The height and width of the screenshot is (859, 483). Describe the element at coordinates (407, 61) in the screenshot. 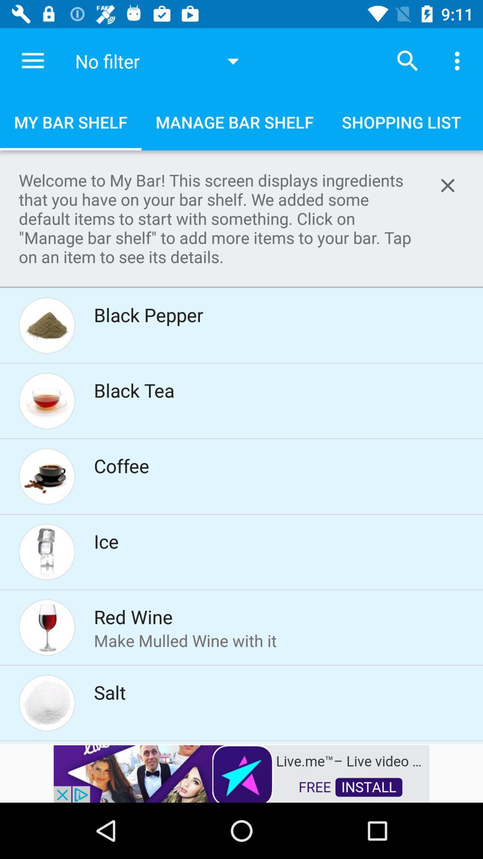

I see `search icon` at that location.